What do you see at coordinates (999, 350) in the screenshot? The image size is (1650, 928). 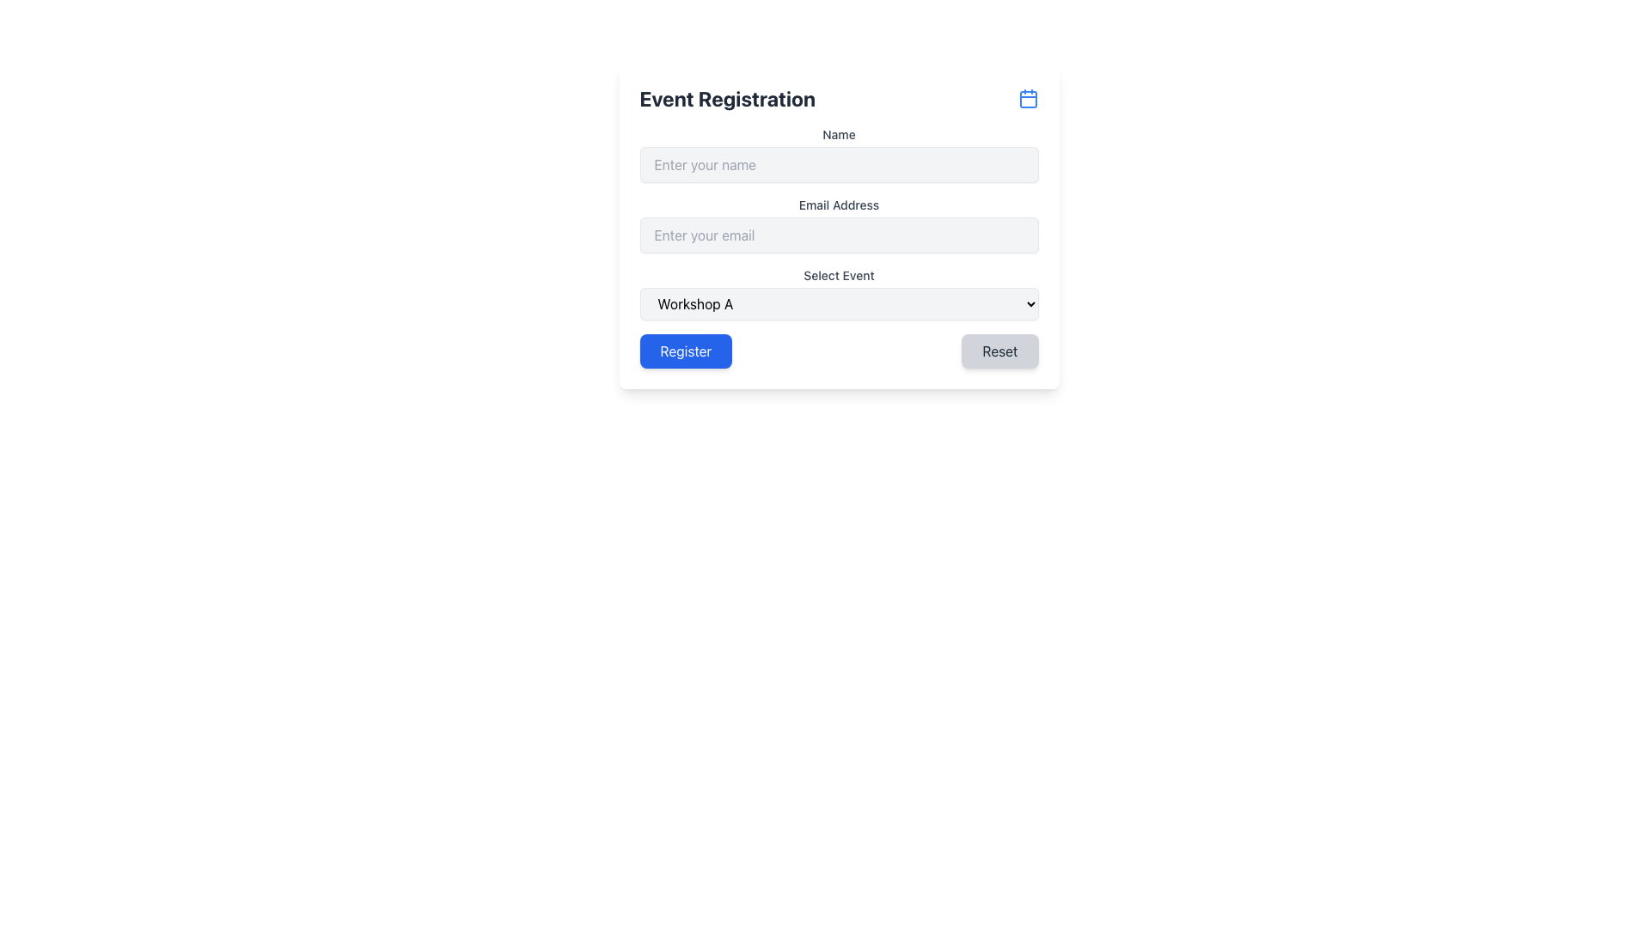 I see `the 'Reset' button located in the bottom-right corner of the form to reset the form` at bounding box center [999, 350].